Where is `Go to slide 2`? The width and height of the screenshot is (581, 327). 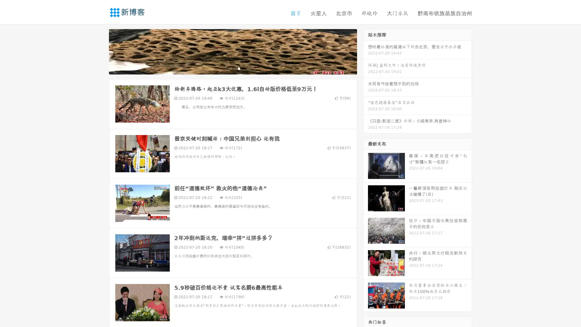
Go to slide 2 is located at coordinates (232, 68).